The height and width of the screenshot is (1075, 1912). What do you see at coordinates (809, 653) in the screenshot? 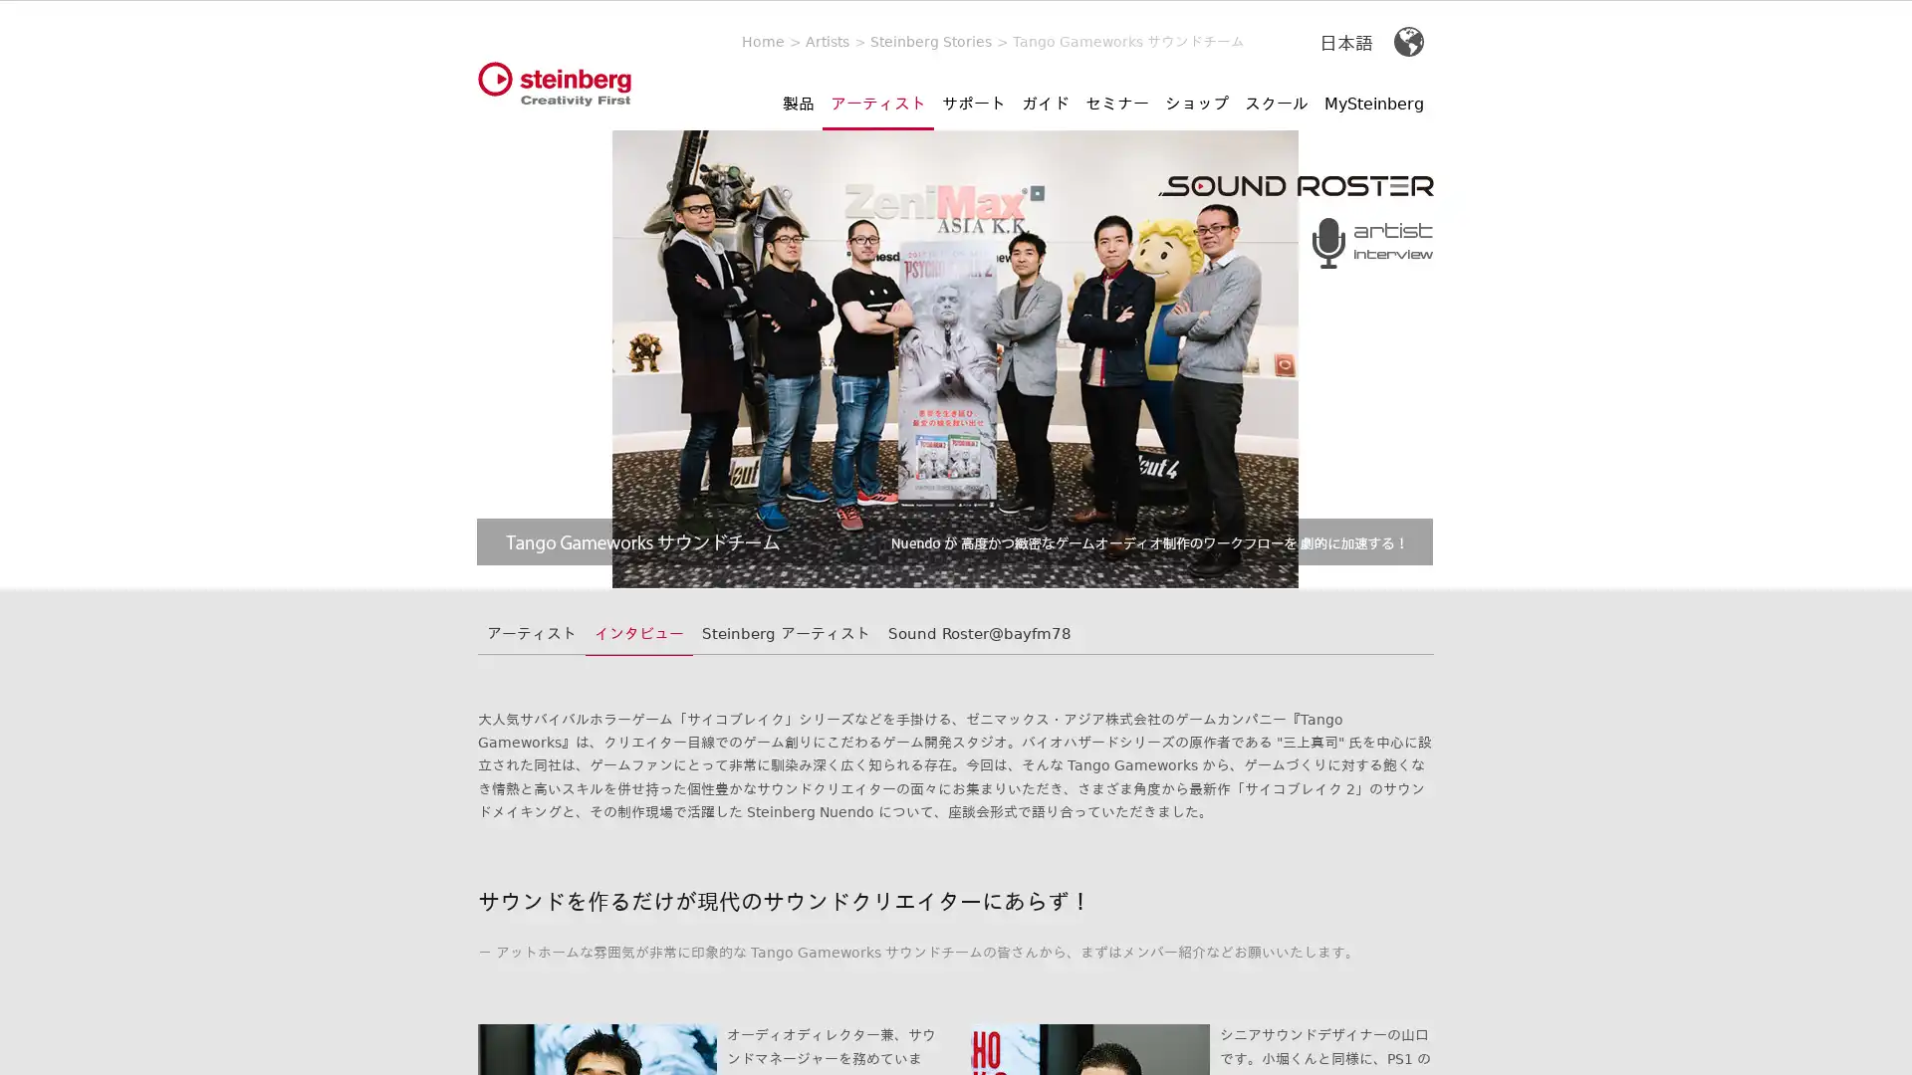
I see `More Information` at bounding box center [809, 653].